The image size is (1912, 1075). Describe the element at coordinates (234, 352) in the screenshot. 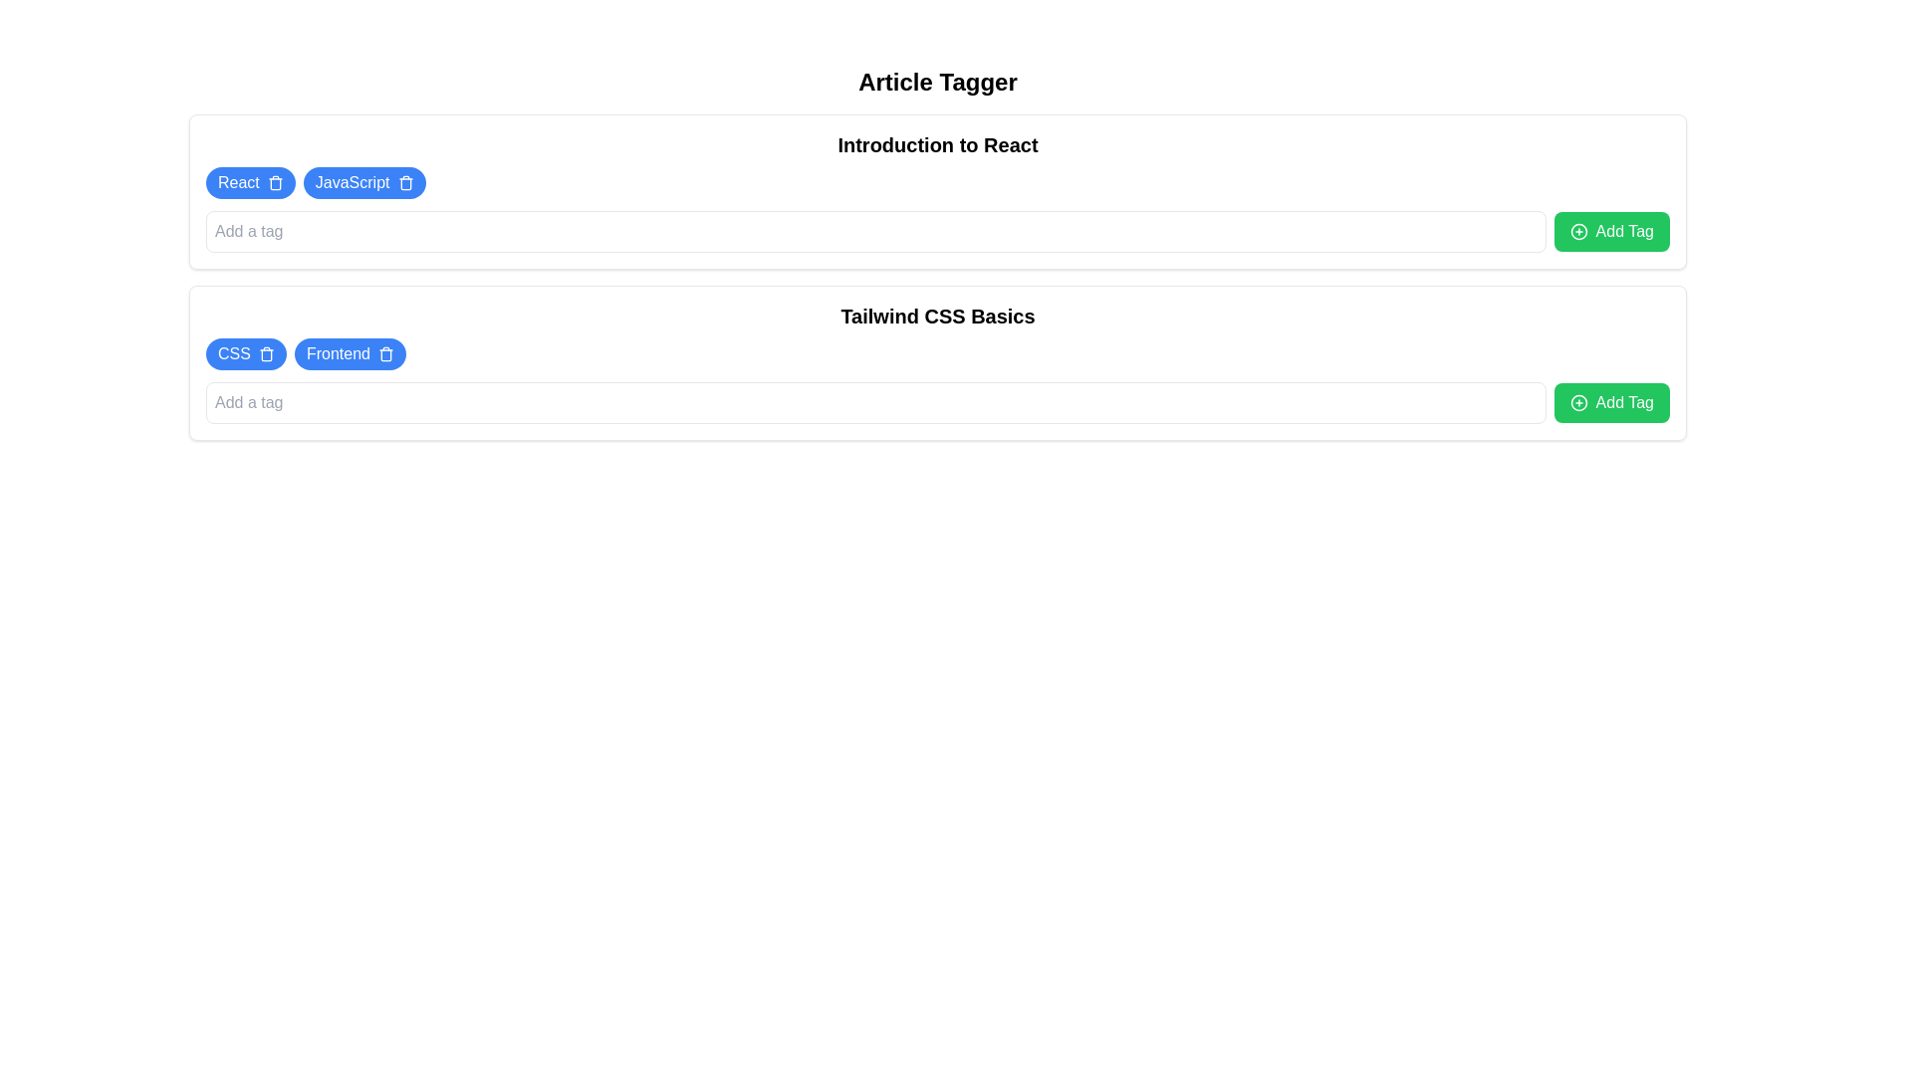

I see `the first tag label in the 'Tailwind CSS Basics' section` at that location.